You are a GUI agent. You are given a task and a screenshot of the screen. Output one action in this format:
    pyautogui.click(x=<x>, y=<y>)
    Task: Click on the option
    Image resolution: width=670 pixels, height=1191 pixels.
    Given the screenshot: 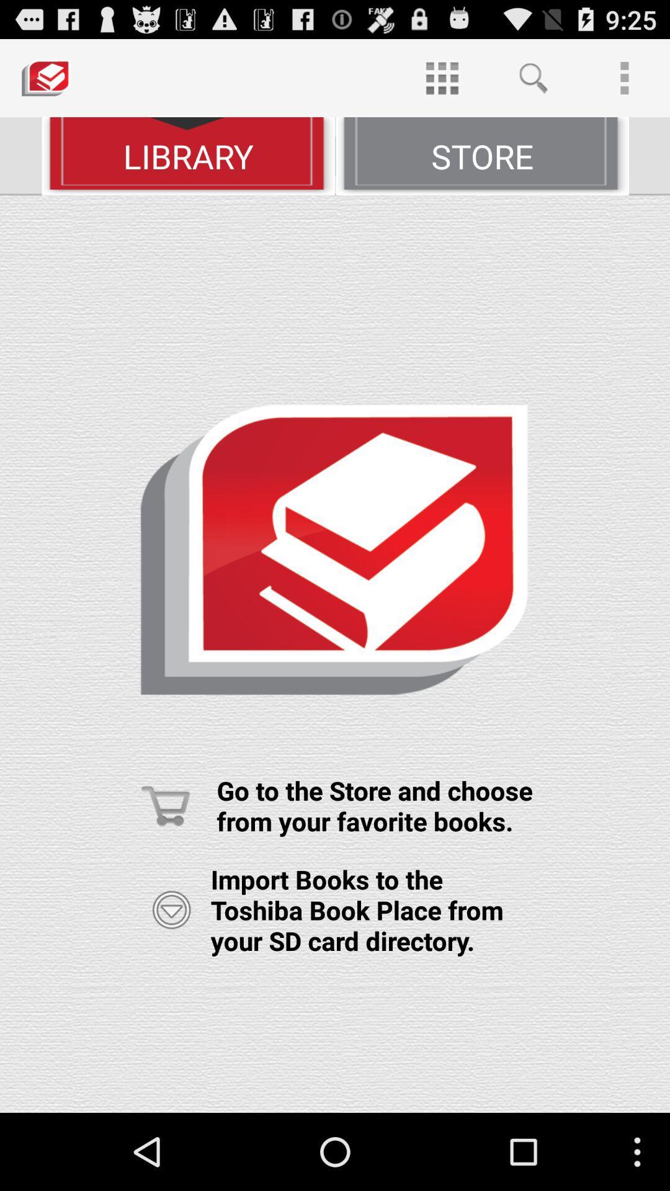 What is the action you would take?
    pyautogui.click(x=171, y=910)
    